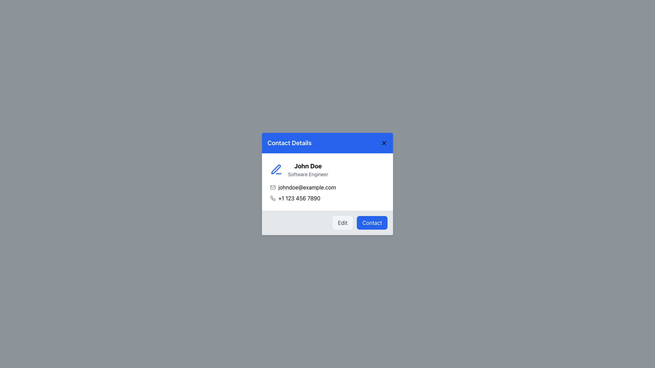  Describe the element at coordinates (276, 169) in the screenshot. I see `the editing icon located in the top-left section of the contact card, positioned to the left of the text 'John Doe' and 'Software Engineer'` at that location.